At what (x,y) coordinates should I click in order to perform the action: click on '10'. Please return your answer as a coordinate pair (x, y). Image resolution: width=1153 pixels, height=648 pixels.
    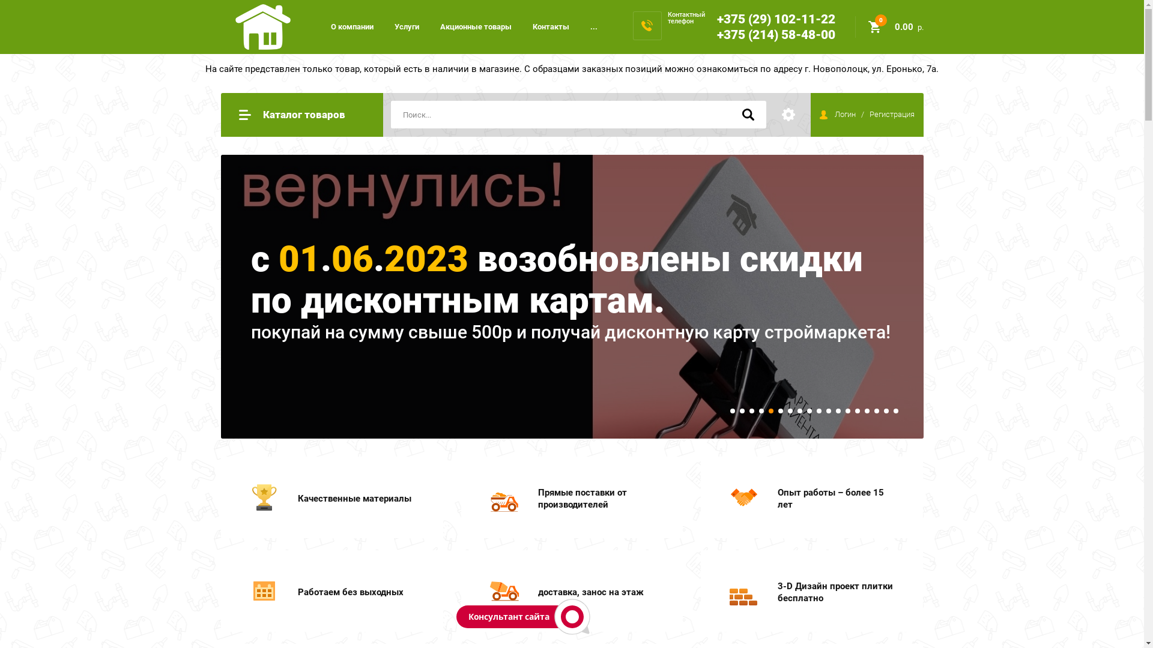
    Looking at the image, I should click on (816, 410).